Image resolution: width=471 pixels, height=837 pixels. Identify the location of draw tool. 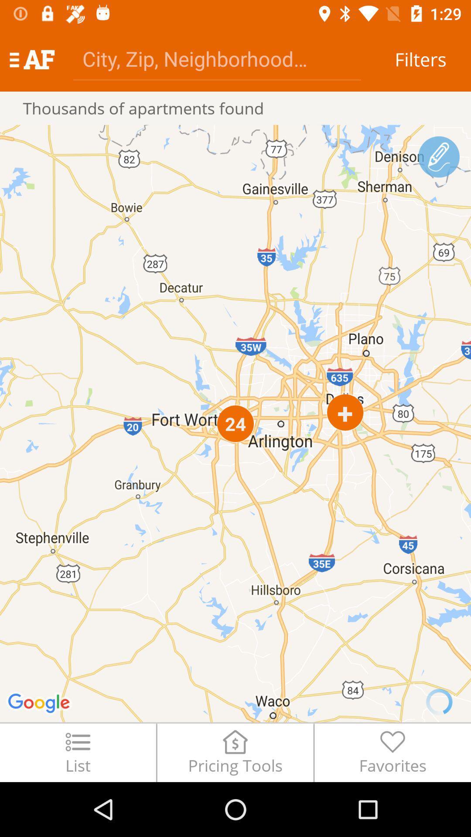
(439, 157).